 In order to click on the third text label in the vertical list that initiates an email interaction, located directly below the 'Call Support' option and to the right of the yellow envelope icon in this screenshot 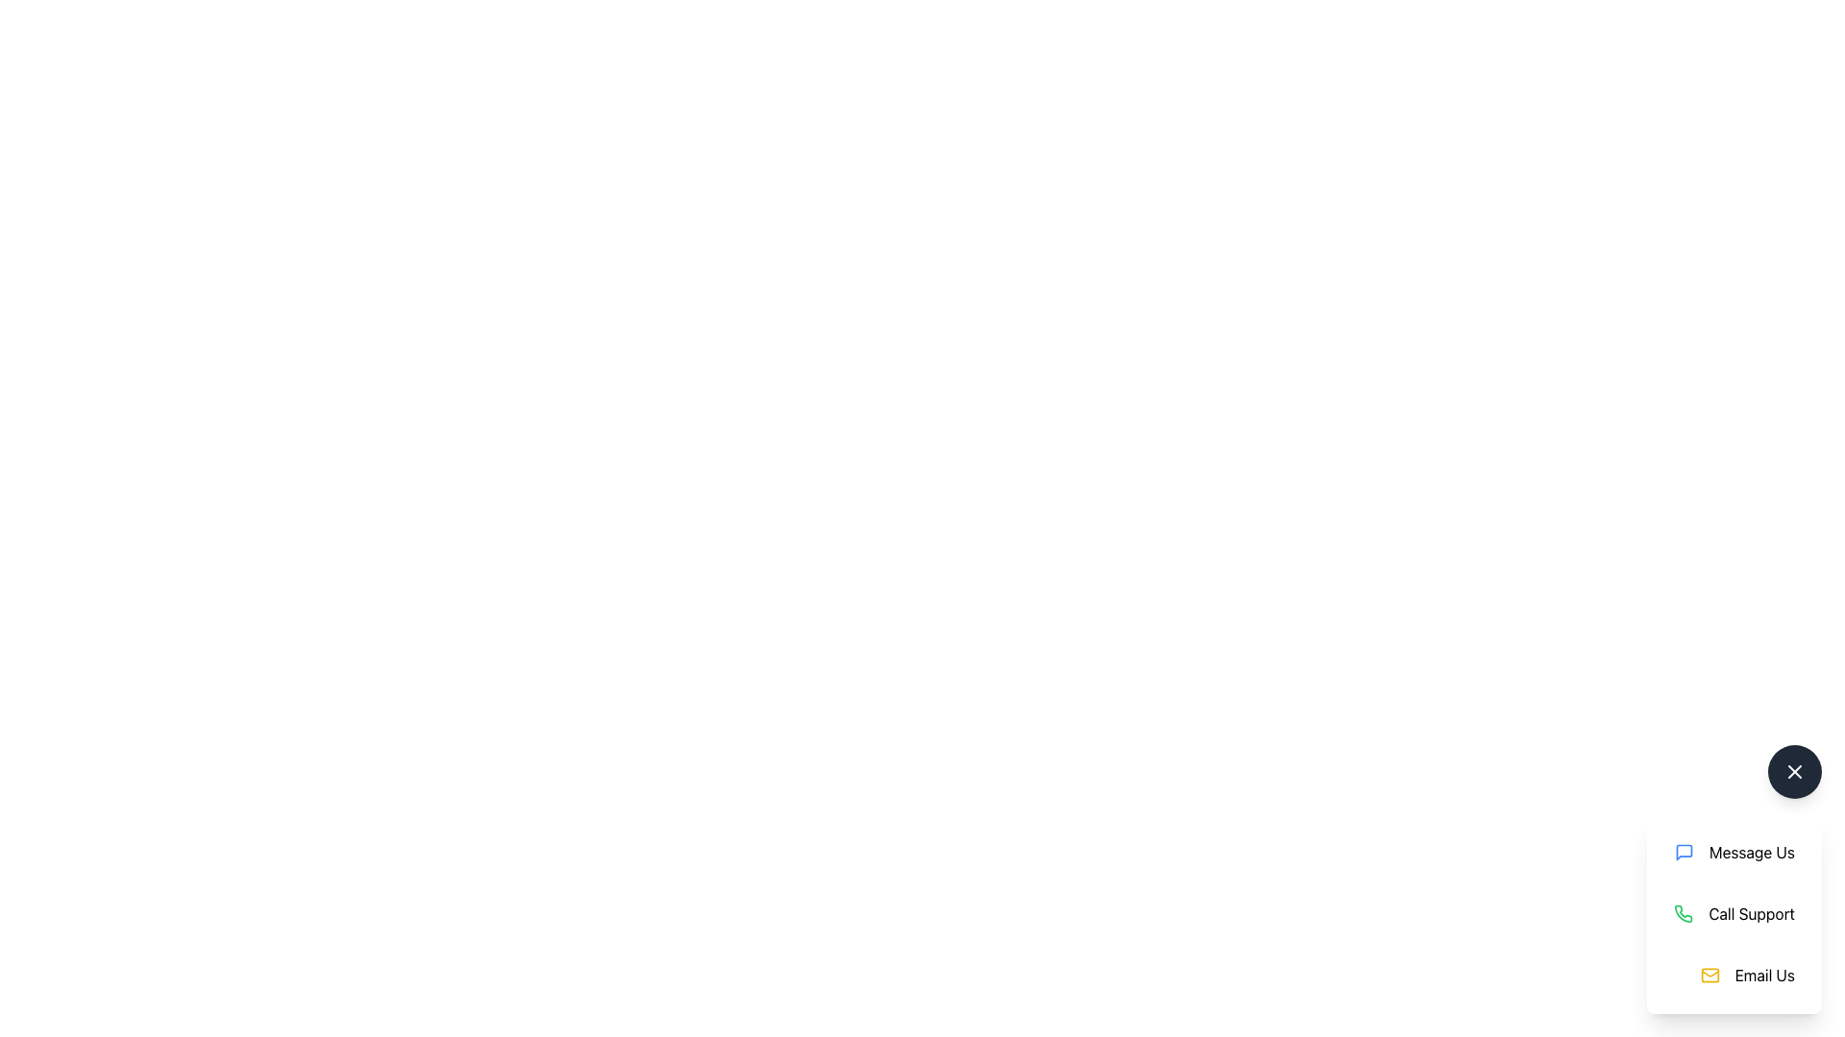, I will do `click(1764, 975)`.